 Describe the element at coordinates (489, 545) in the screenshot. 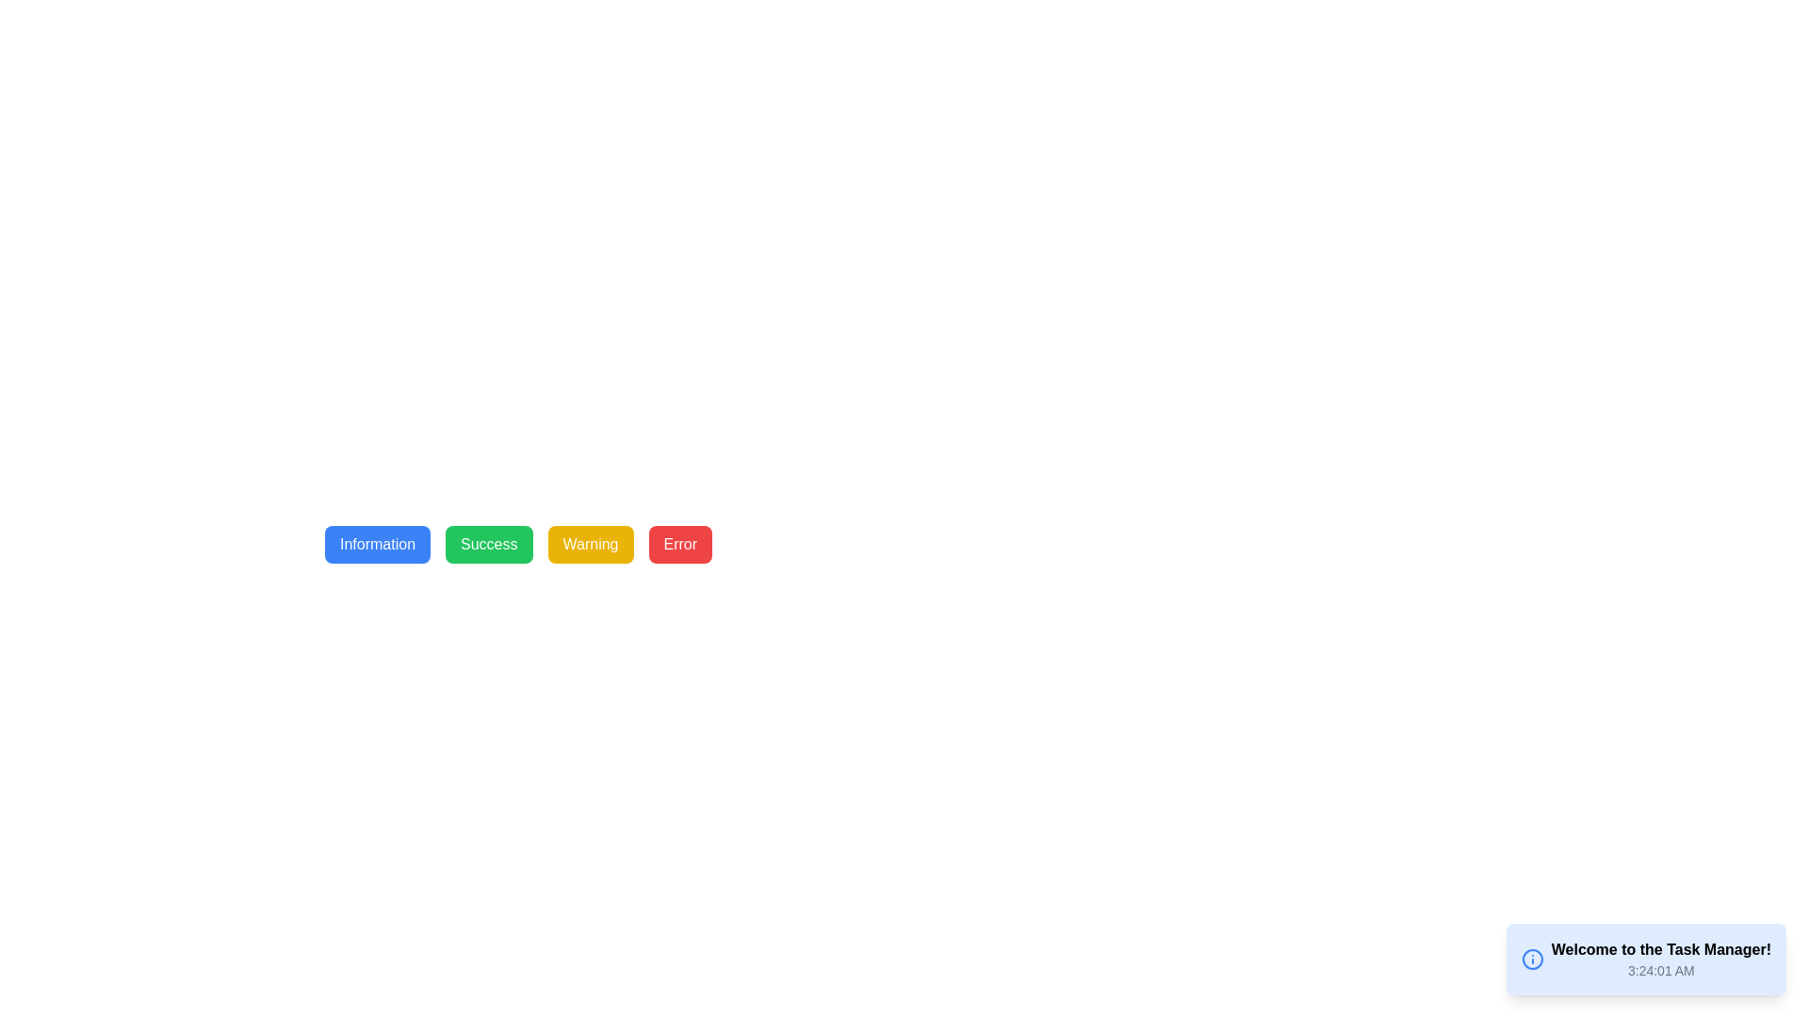

I see `the 'Success' button, which is the second button in a horizontal sequence of four buttons labeled 'Information', 'Success', 'Warning', and 'Error'` at that location.